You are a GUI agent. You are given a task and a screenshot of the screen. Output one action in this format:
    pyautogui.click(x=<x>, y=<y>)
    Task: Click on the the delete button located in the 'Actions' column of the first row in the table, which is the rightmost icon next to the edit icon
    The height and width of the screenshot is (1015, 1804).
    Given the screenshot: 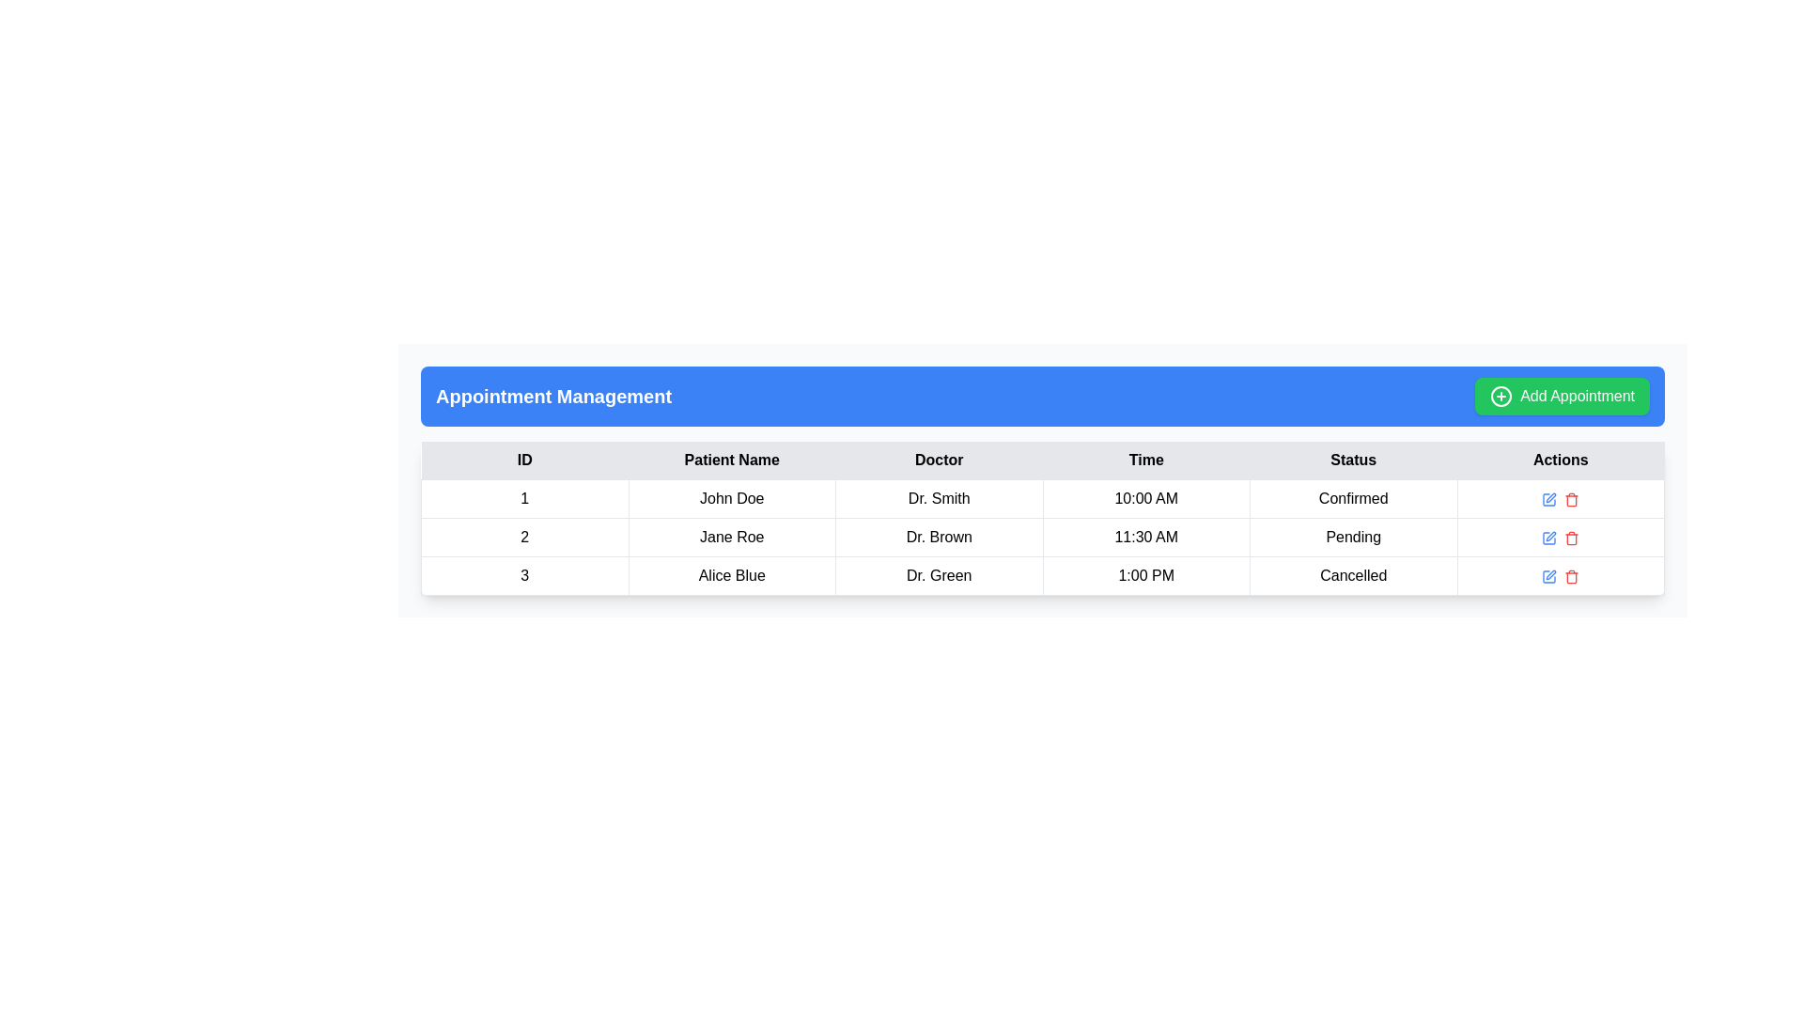 What is the action you would take?
    pyautogui.click(x=1572, y=498)
    